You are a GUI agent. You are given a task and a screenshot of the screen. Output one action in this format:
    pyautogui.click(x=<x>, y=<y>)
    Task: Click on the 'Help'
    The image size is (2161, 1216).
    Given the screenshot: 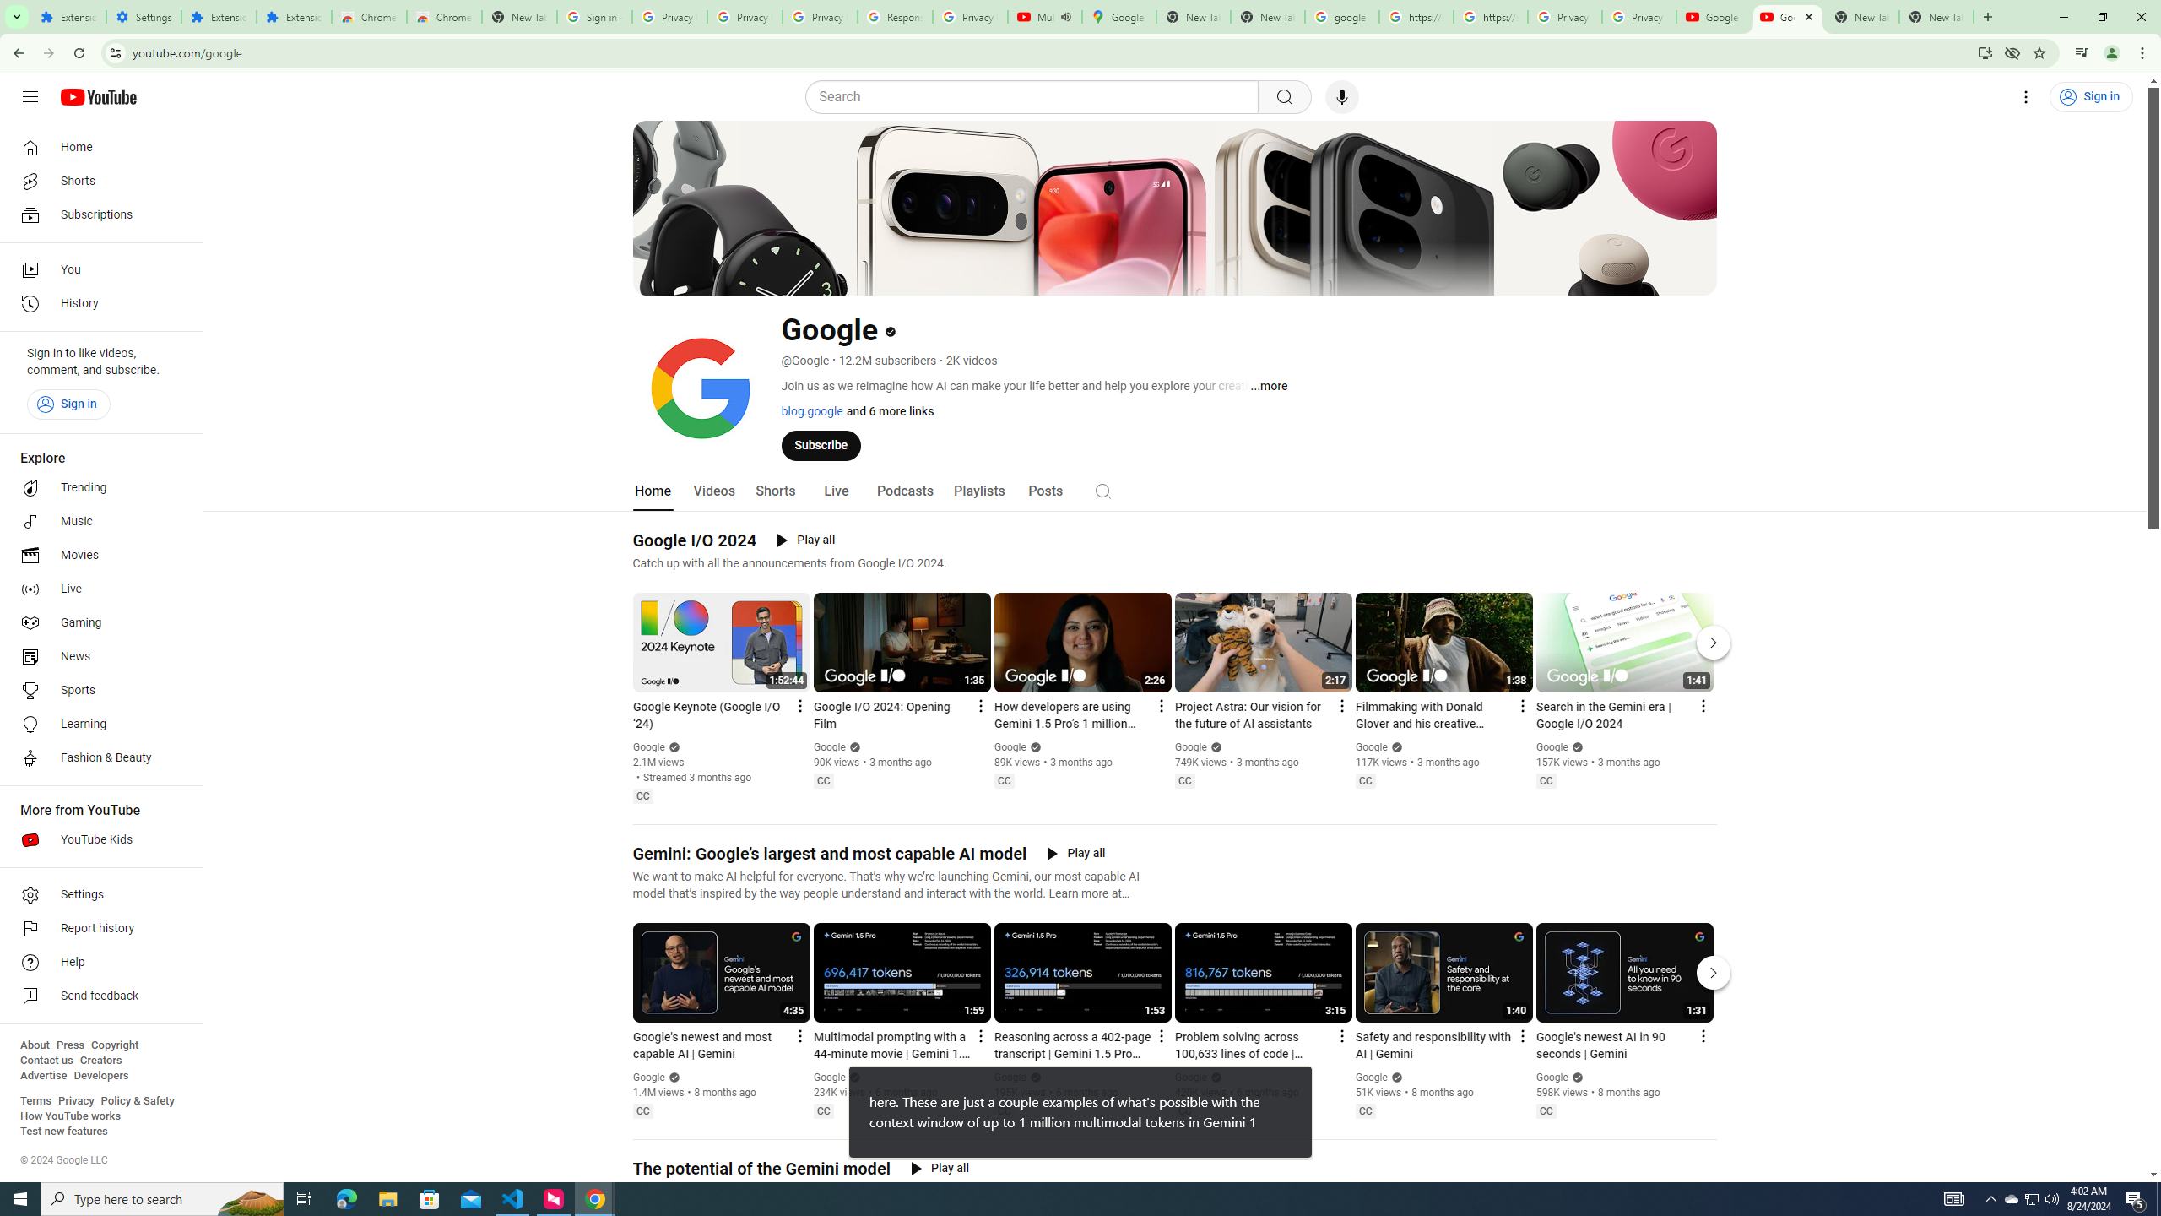 What is the action you would take?
    pyautogui.click(x=95, y=963)
    